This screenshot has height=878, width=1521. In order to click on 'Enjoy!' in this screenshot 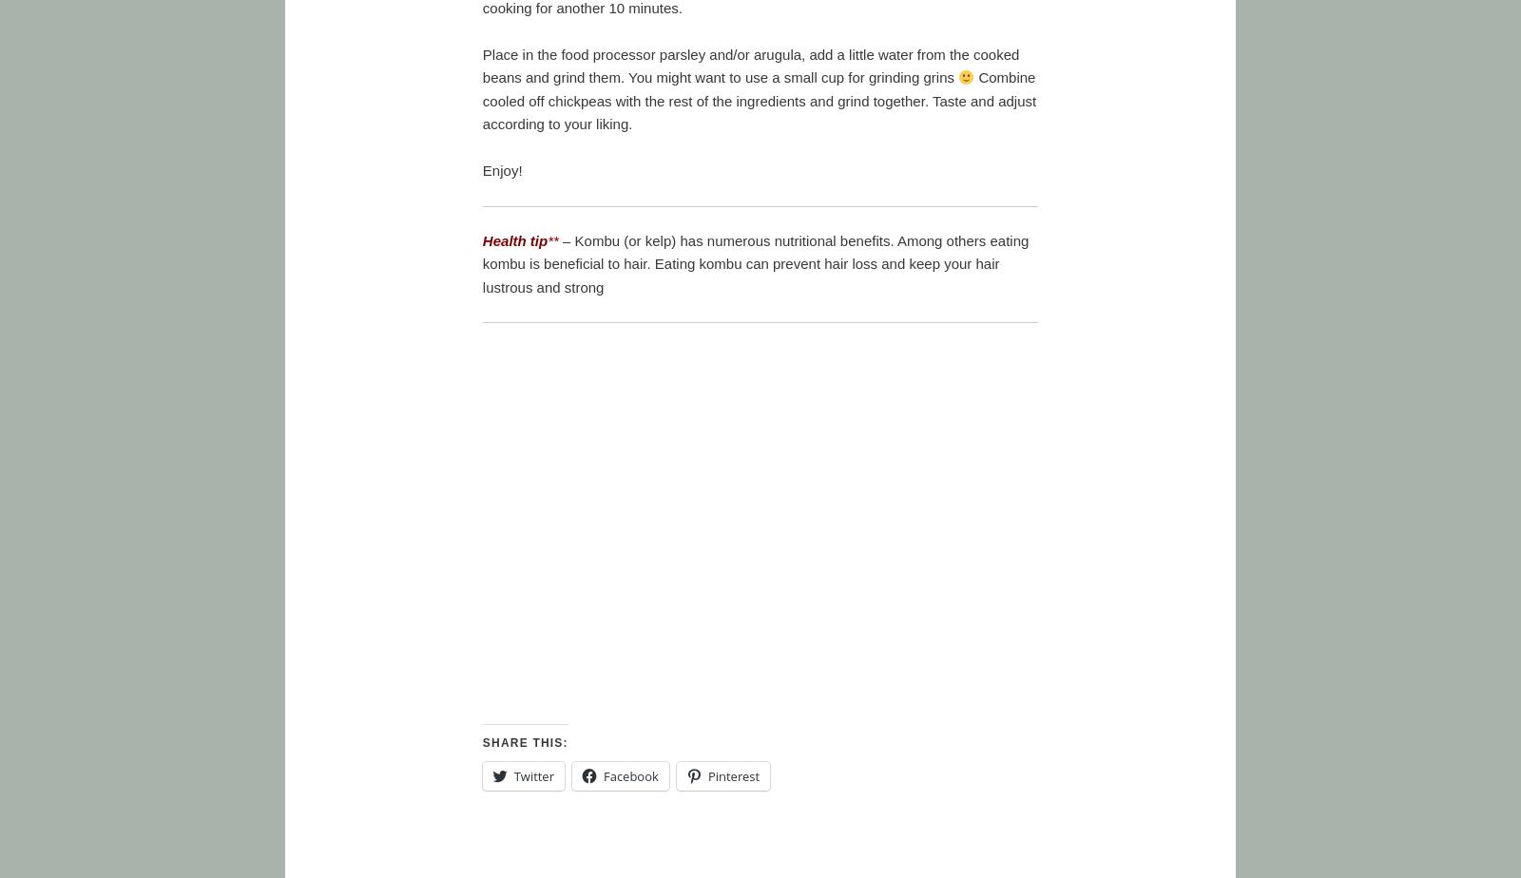, I will do `click(501, 169)`.